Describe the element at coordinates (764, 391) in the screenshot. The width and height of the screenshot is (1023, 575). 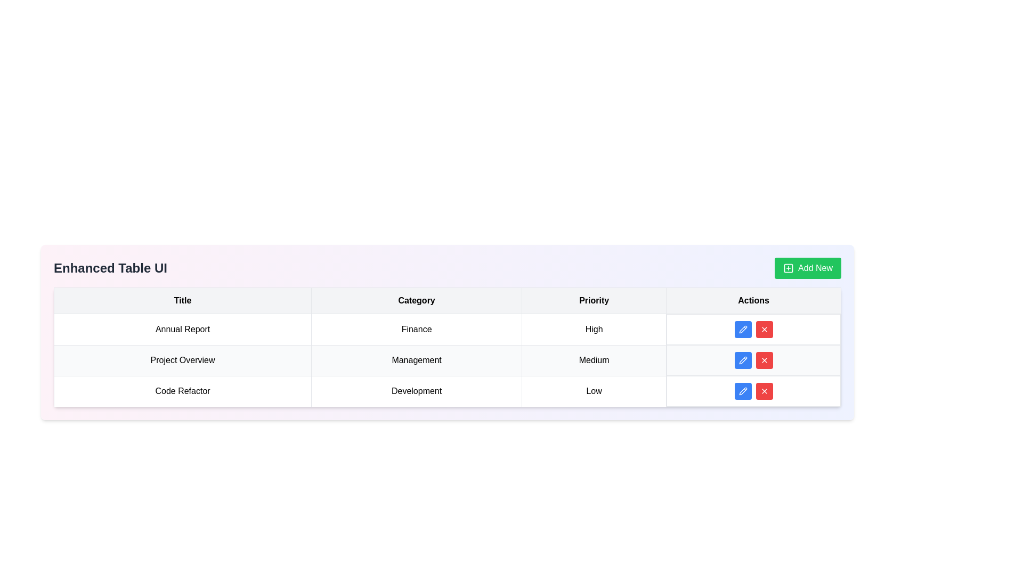
I see `the red delete button located in the last row of the 'Actions' column in the table, which is situated to the right of the blue edit button to potentially view tooltips` at that location.